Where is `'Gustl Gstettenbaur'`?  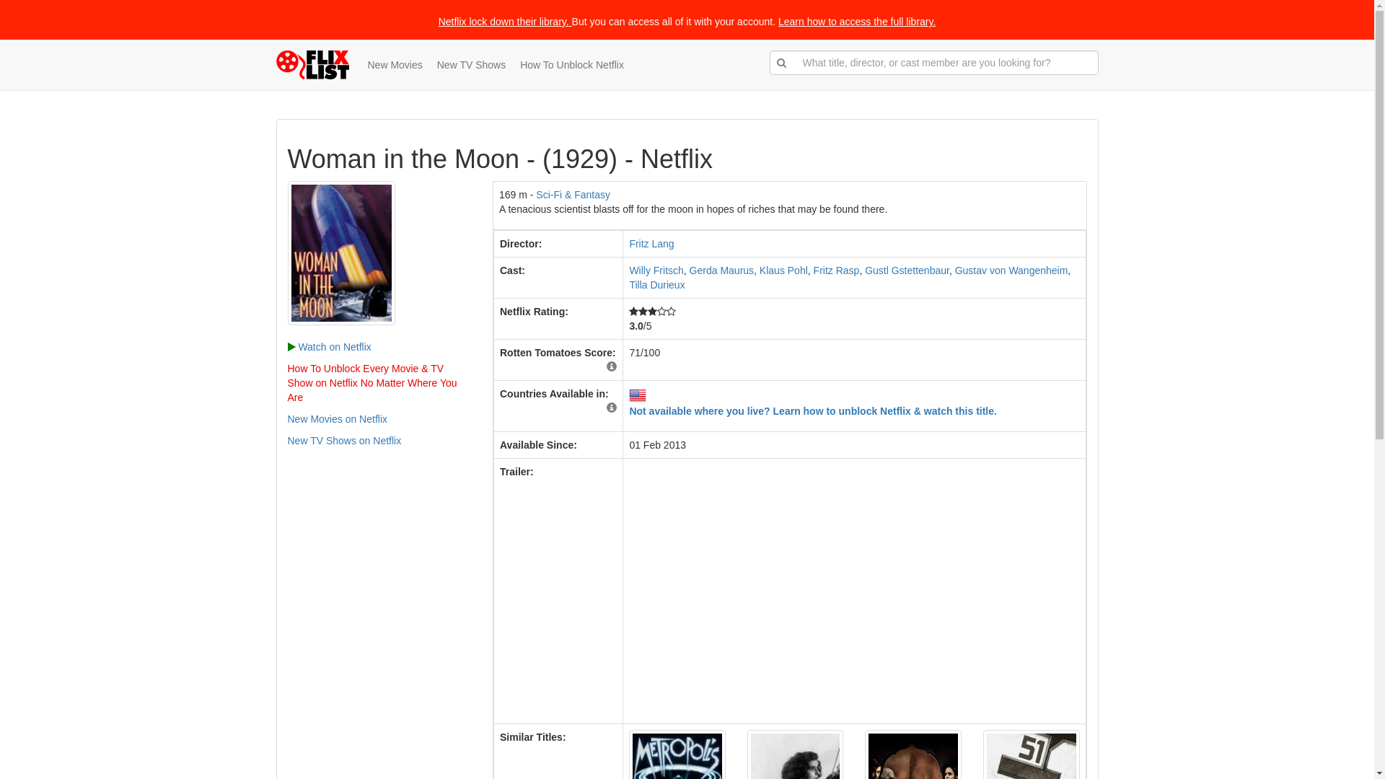 'Gustl Gstettenbaur' is located at coordinates (906, 270).